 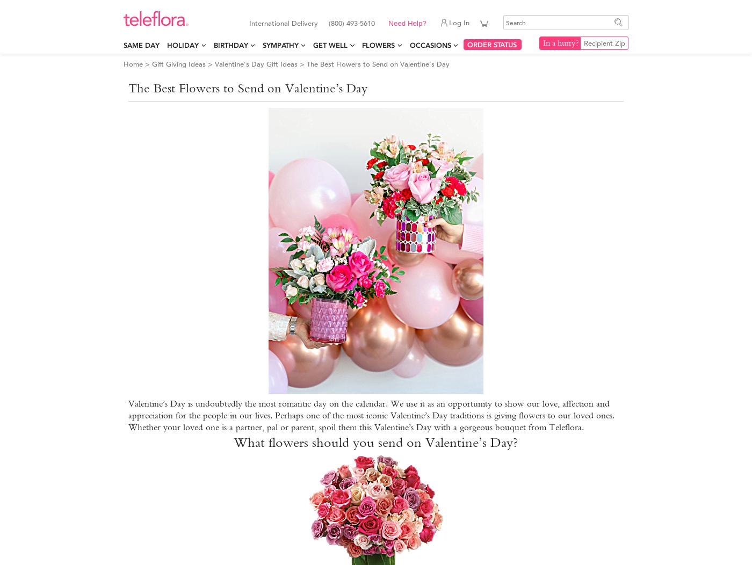 What do you see at coordinates (375, 441) in the screenshot?
I see `'What flowers should you send on Valentine’s Day?'` at bounding box center [375, 441].